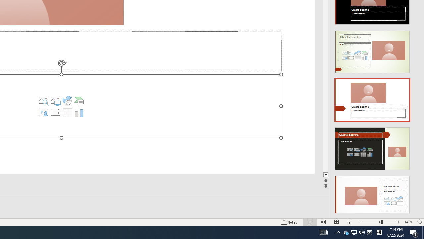 The image size is (424, 239). What do you see at coordinates (414, 232) in the screenshot?
I see `'Action Center, 1 new notification'` at bounding box center [414, 232].